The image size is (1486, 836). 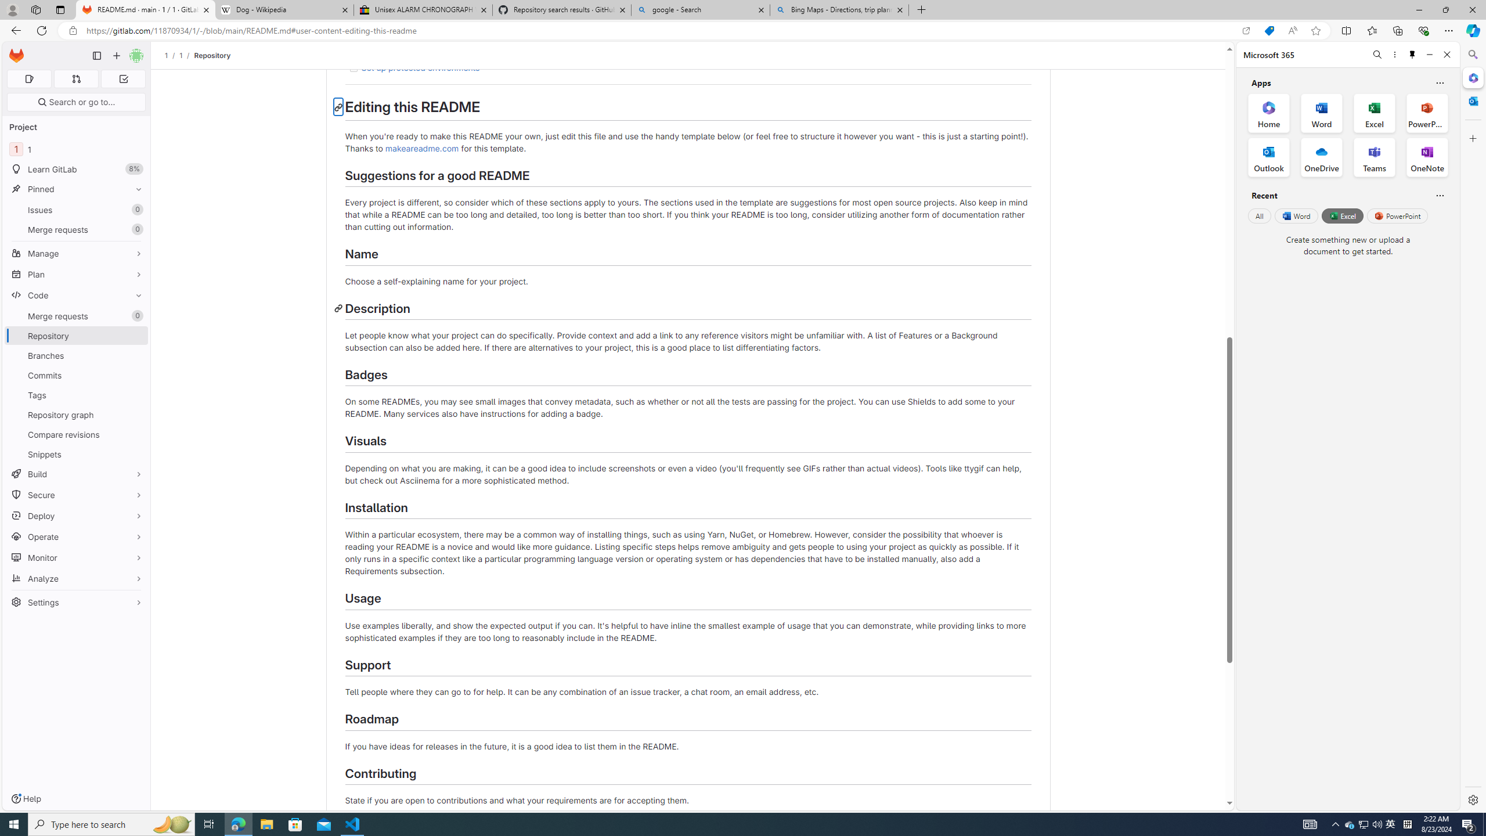 I want to click on 'Repository', so click(x=211, y=55).